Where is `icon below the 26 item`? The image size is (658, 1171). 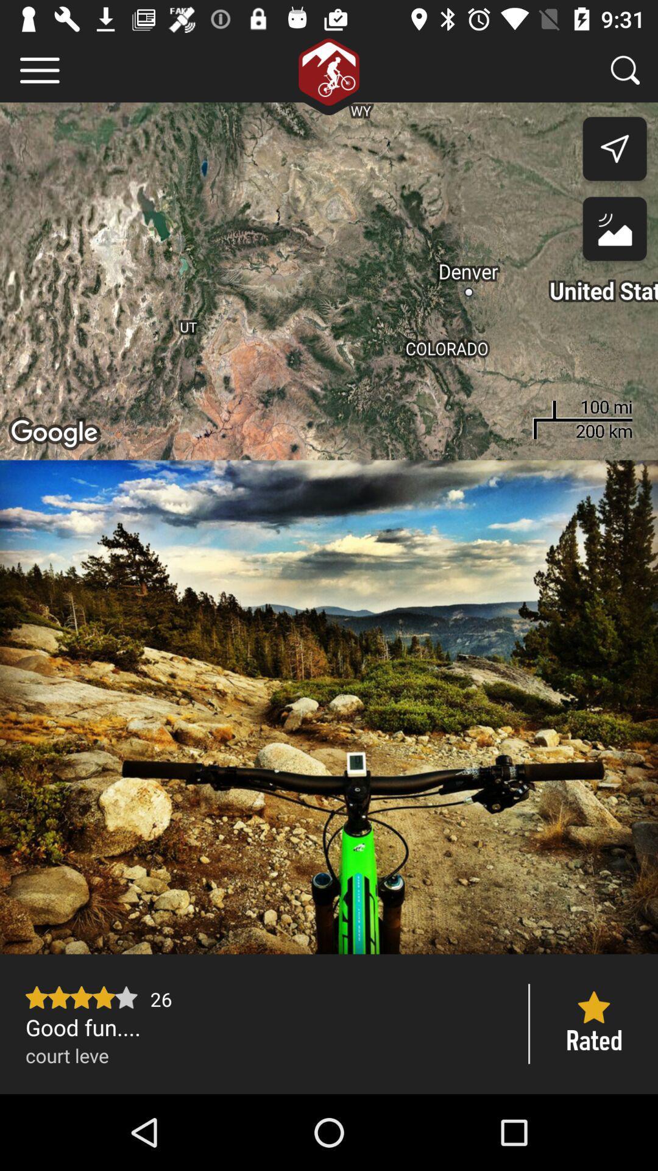
icon below the 26 item is located at coordinates (264, 1026).